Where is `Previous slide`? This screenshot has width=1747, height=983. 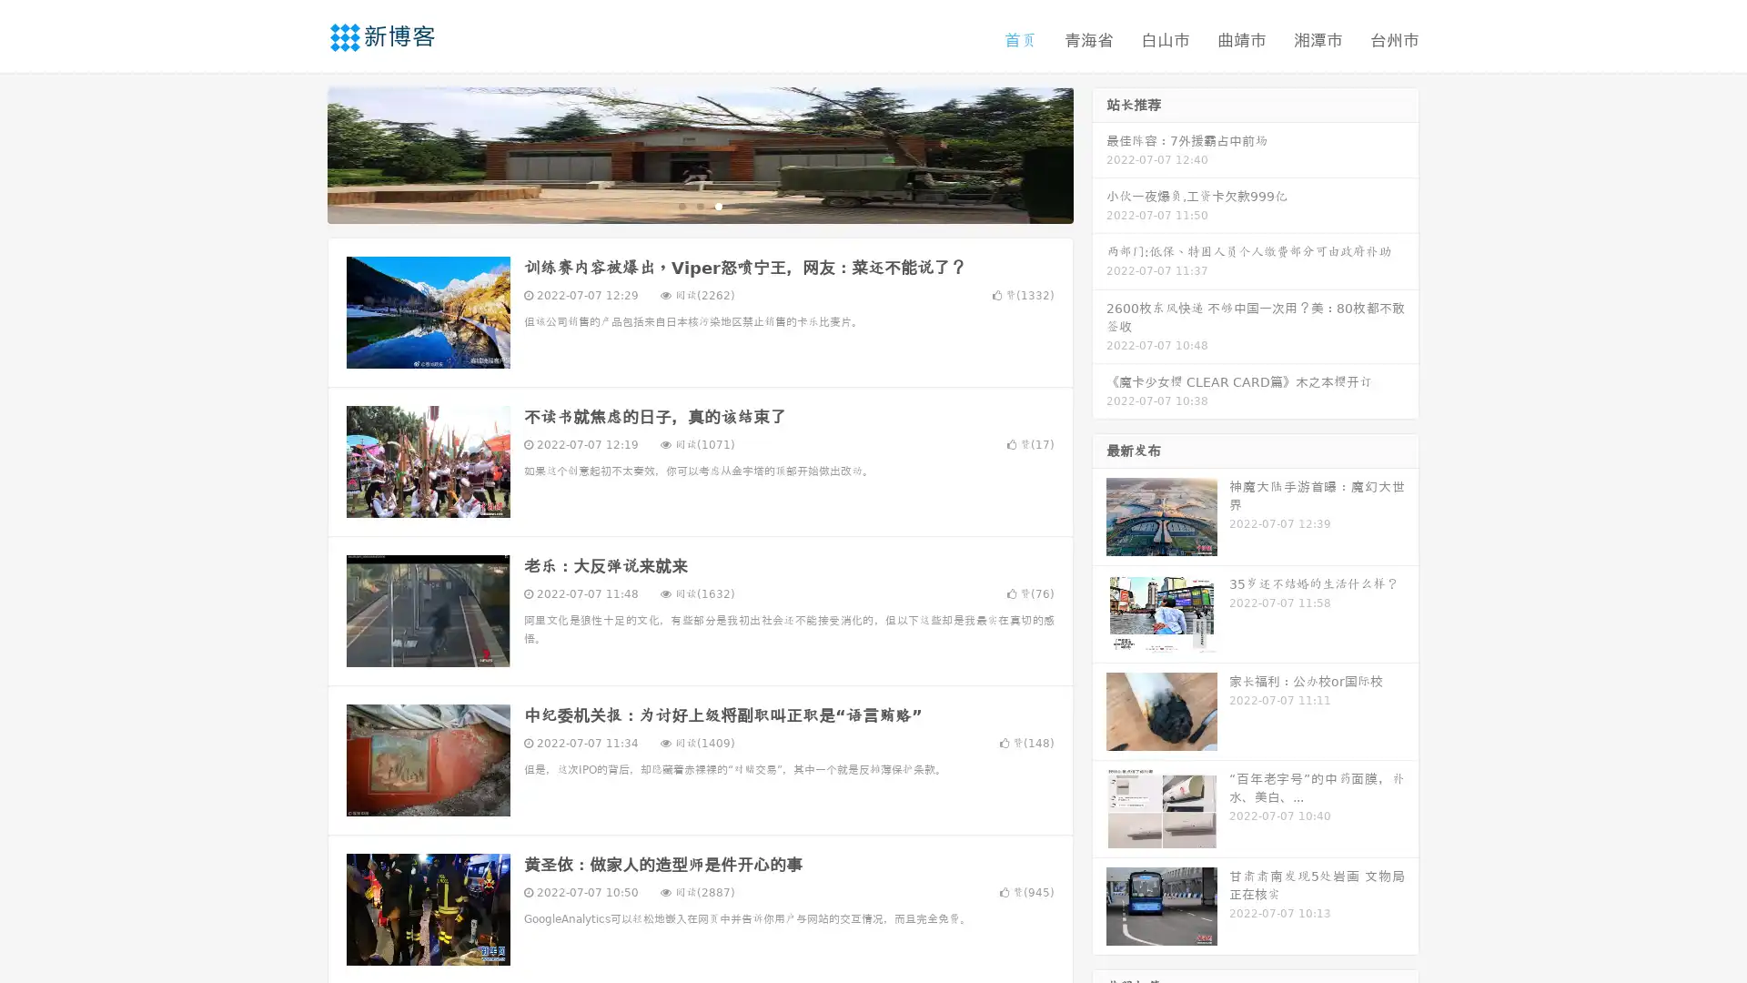
Previous slide is located at coordinates (300, 153).